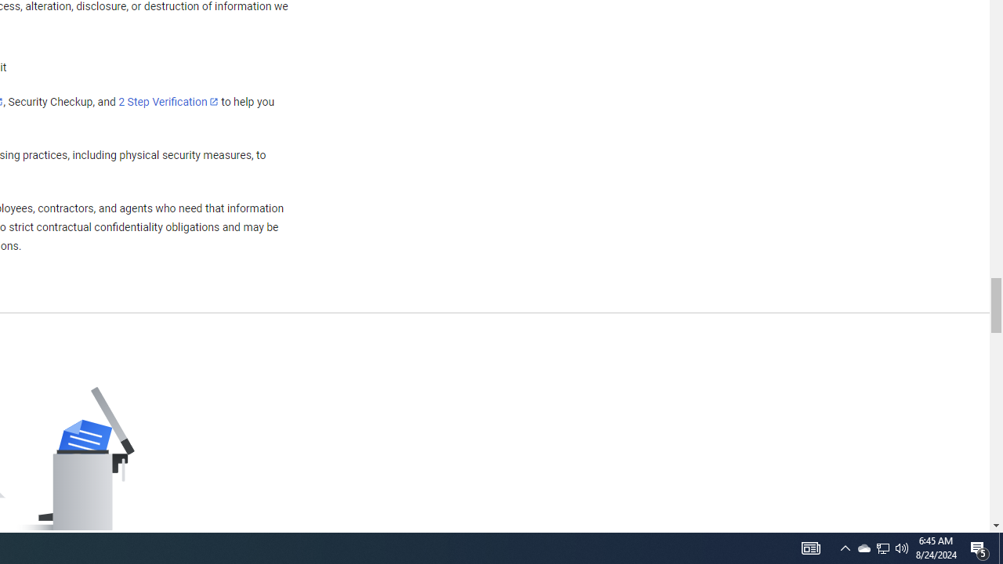  I want to click on '2 Step Verification', so click(168, 101).